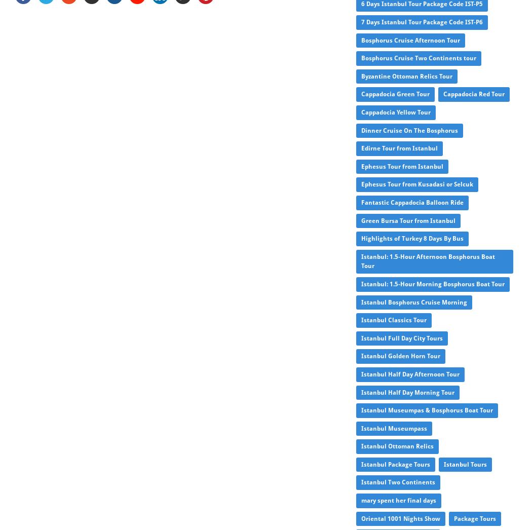  What do you see at coordinates (419, 57) in the screenshot?
I see `'Bosphorus Cruise Two Continents tour'` at bounding box center [419, 57].